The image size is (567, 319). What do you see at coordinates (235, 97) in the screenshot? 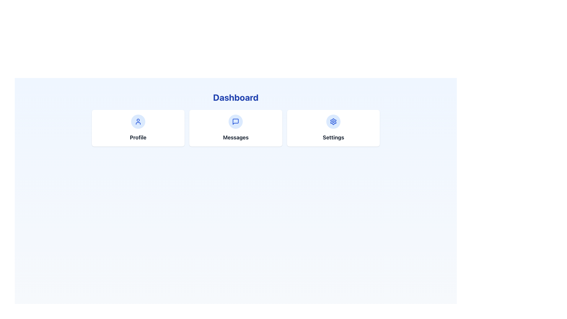
I see `the Text Header indicating the user is on the Dashboard page, which is positioned near the top and horizontally centered above the tiles labeled 'Profile', 'Messages', and 'Settings'` at bounding box center [235, 97].